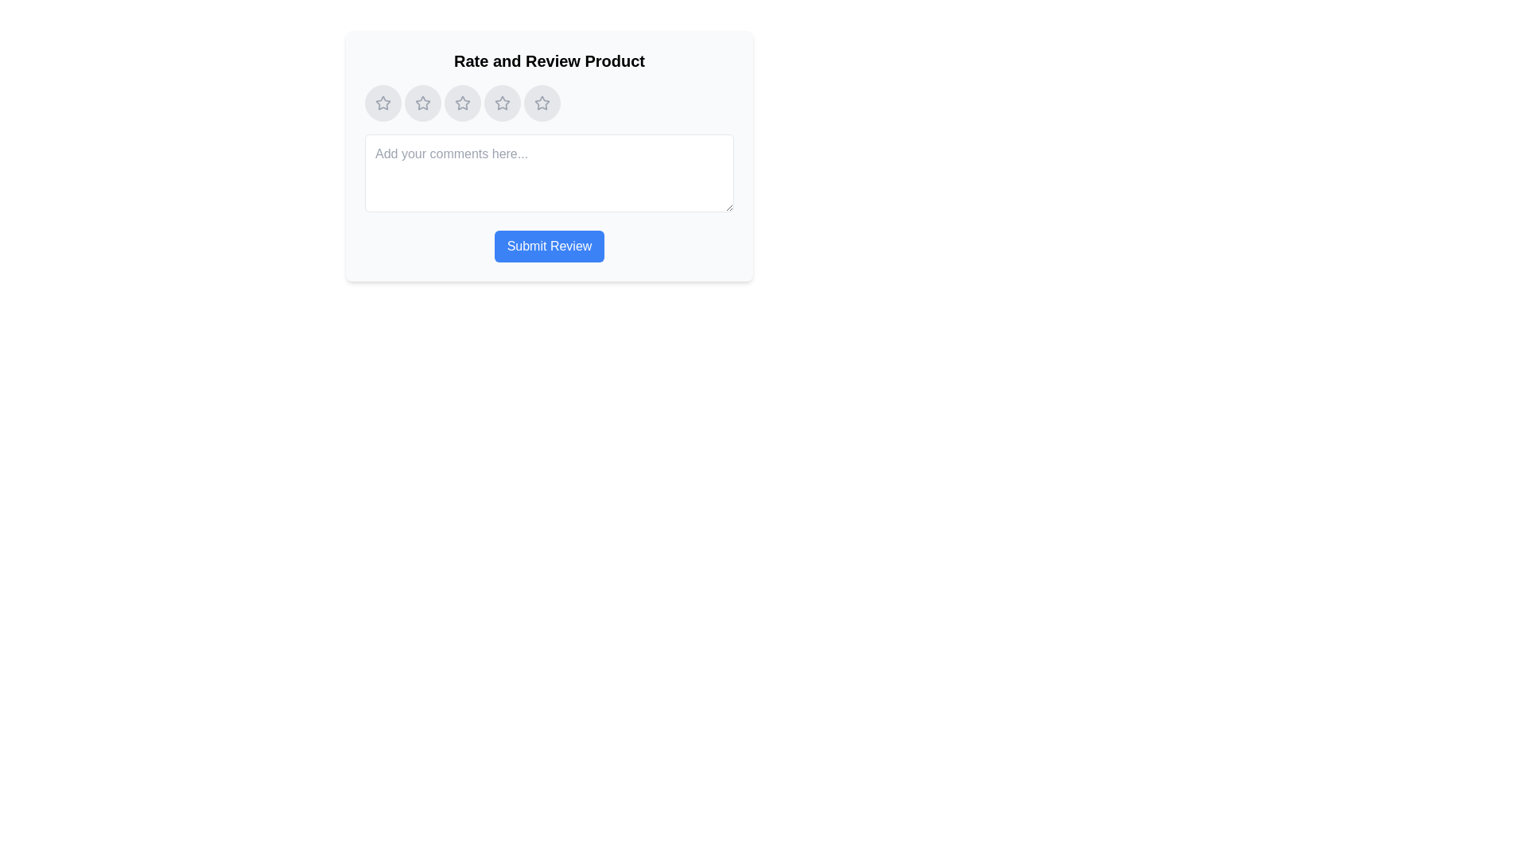  What do you see at coordinates (423, 103) in the screenshot?
I see `the circular button with a gray background and star icon` at bounding box center [423, 103].